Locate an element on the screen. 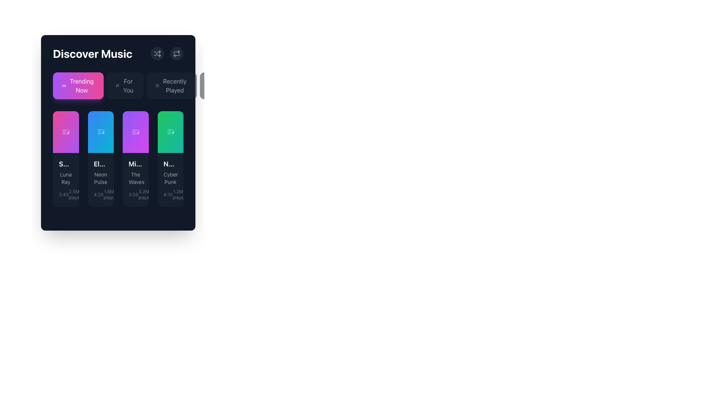  the 'For You' icon in the music discovery interface to trigger hover-based visual feedback is located at coordinates (117, 85).